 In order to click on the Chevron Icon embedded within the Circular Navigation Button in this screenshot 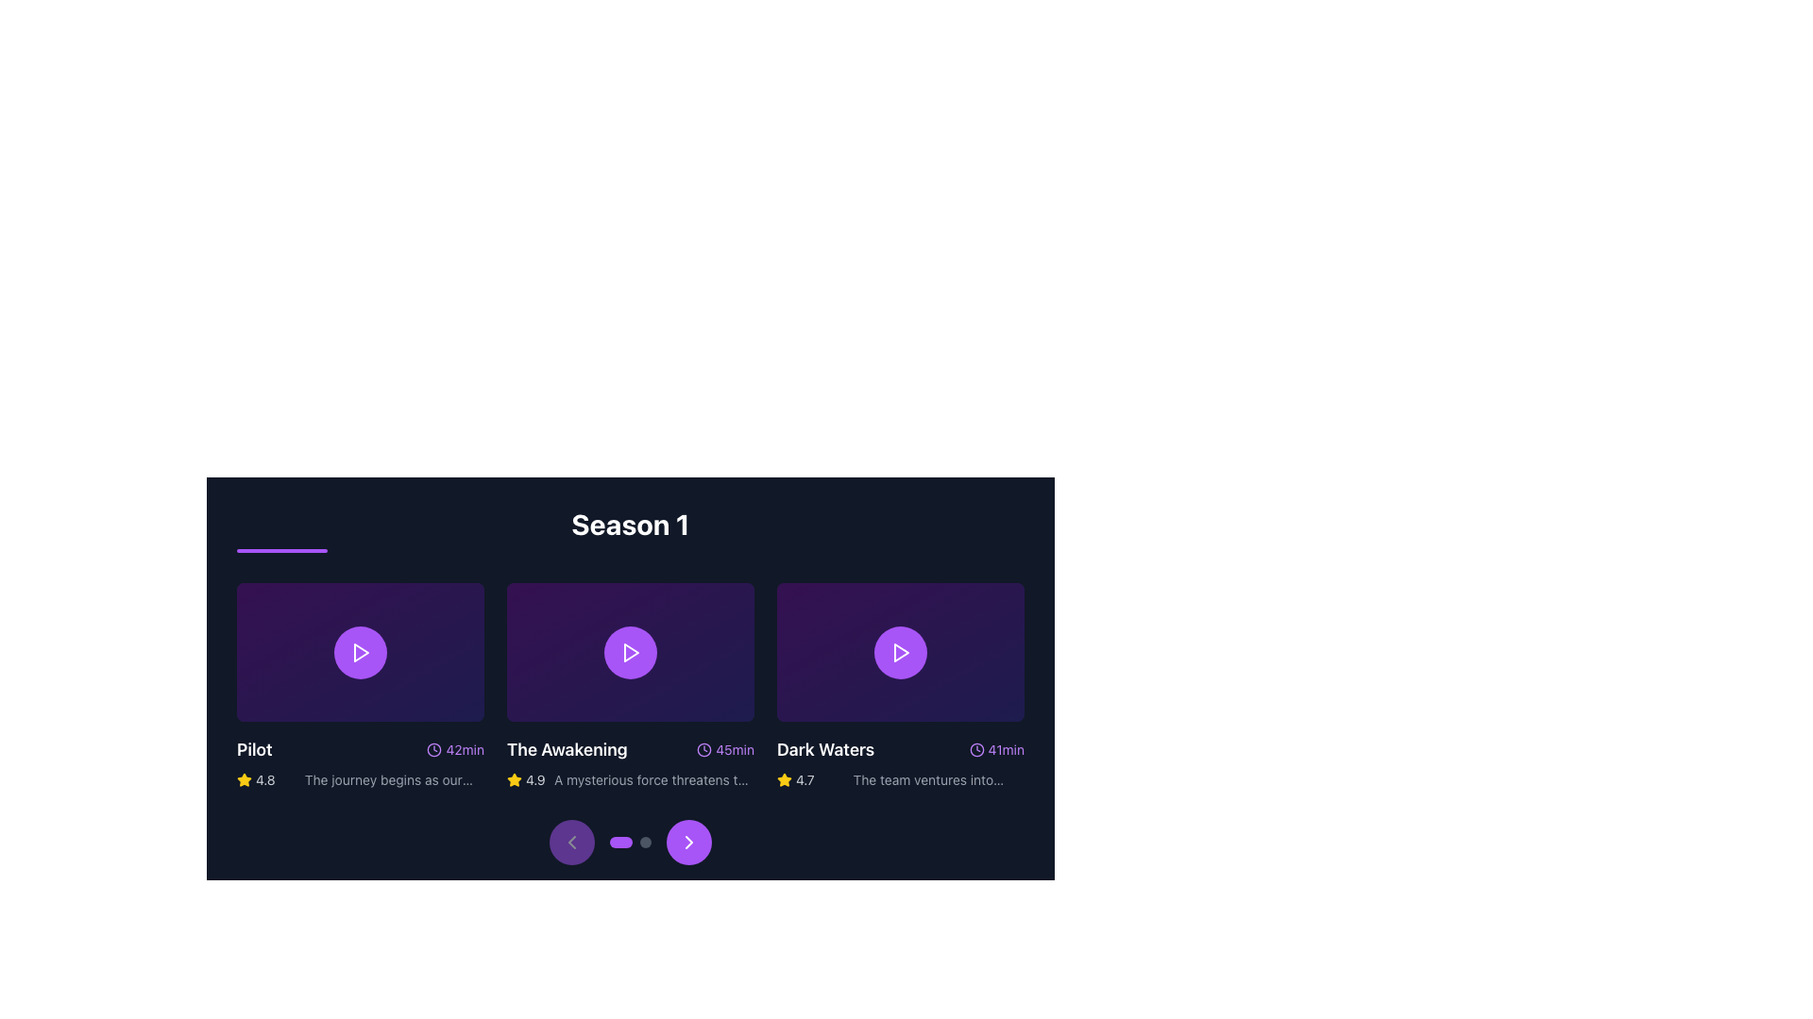, I will do `click(687, 842)`.